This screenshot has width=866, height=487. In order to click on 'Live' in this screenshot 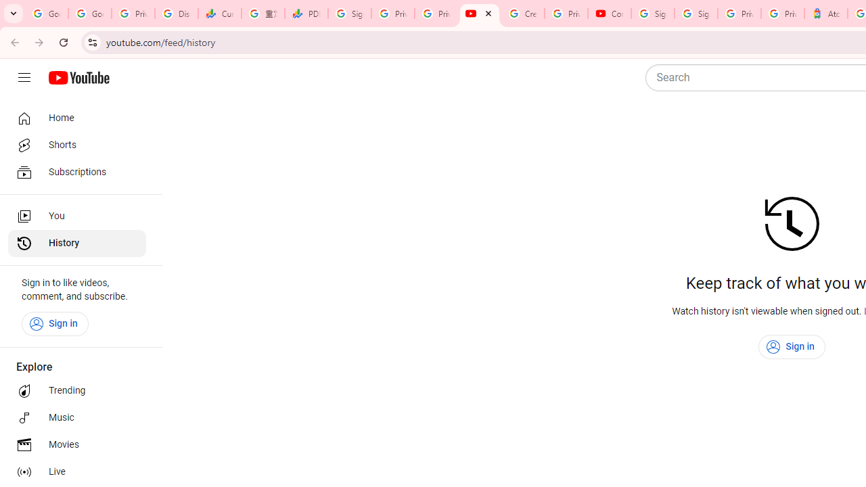, I will do `click(76, 471)`.